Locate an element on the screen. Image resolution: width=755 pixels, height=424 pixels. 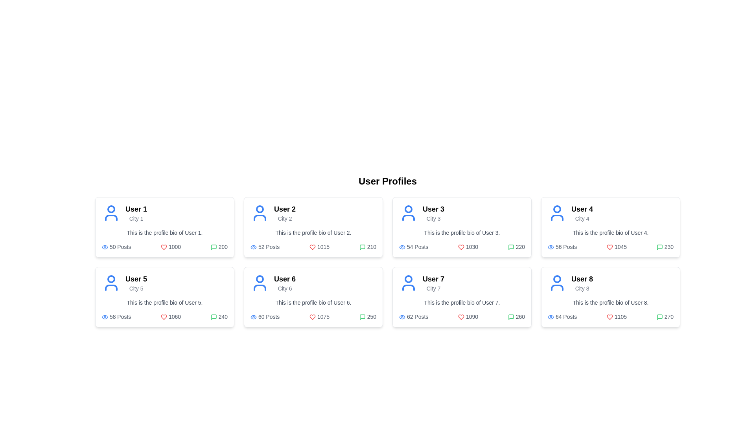
the lower part of the SVG vector-based user icon for 'User 2' is located at coordinates (260, 218).